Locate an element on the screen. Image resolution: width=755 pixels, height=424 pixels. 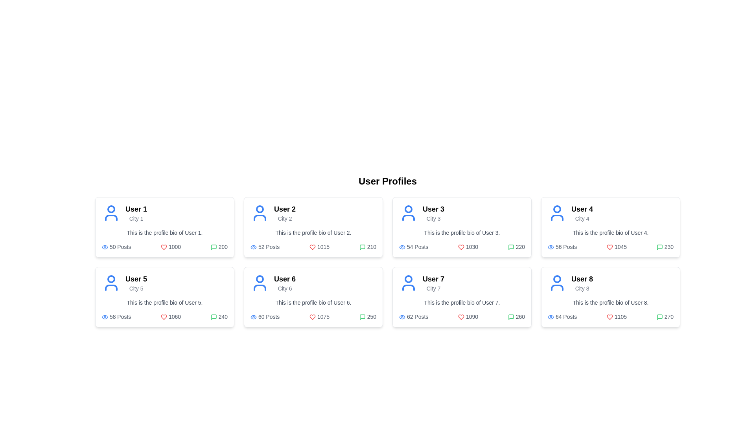
the lower part of the SVG vector-based user icon for 'User 2' is located at coordinates (260, 218).